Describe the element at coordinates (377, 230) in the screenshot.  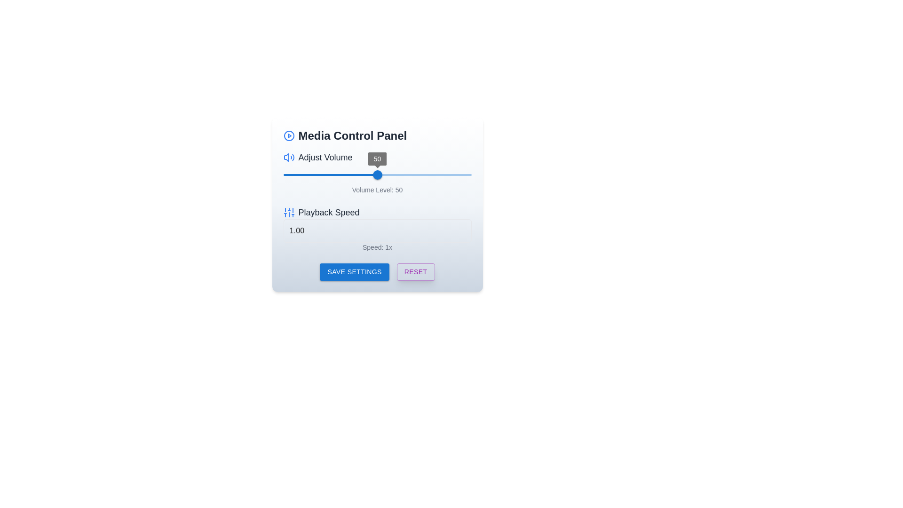
I see `playback speed` at that location.